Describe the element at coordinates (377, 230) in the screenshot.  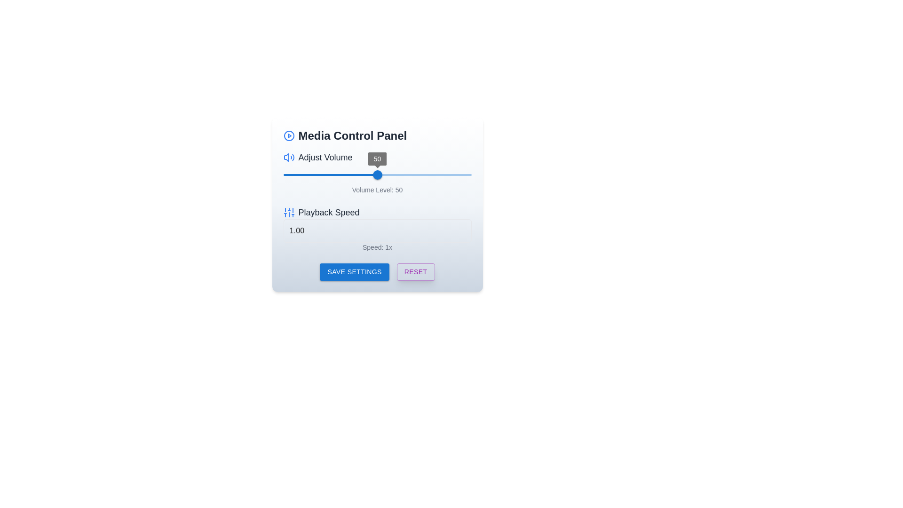
I see `playback speed` at that location.